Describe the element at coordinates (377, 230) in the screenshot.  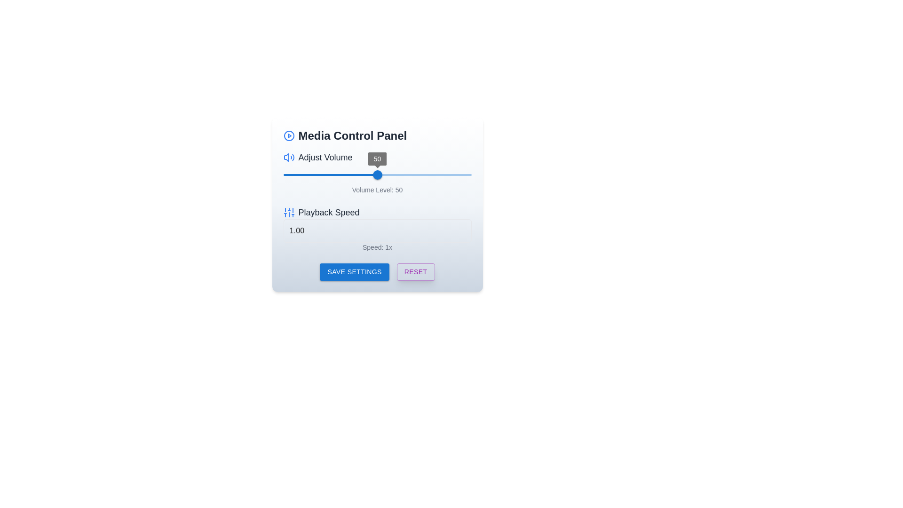
I see `playback speed` at that location.